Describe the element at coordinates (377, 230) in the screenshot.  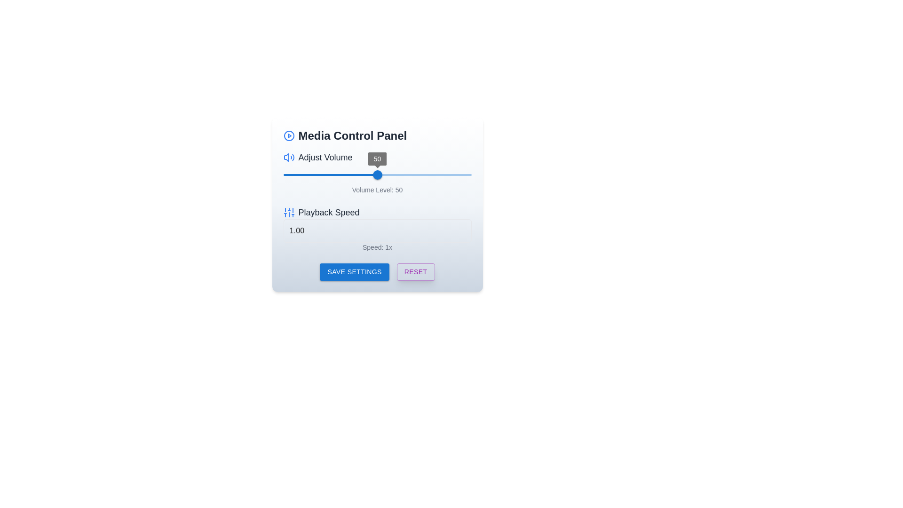
I see `playback speed` at that location.